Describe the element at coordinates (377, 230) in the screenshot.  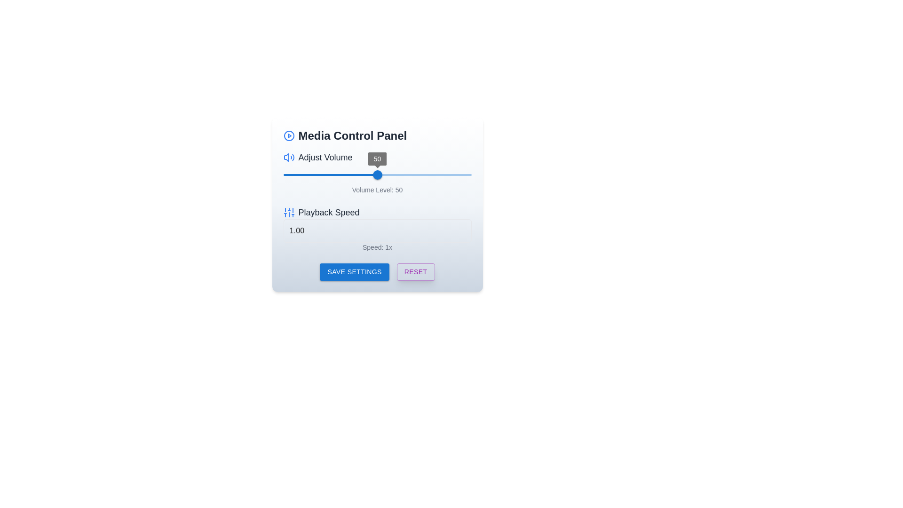
I see `playback speed` at that location.